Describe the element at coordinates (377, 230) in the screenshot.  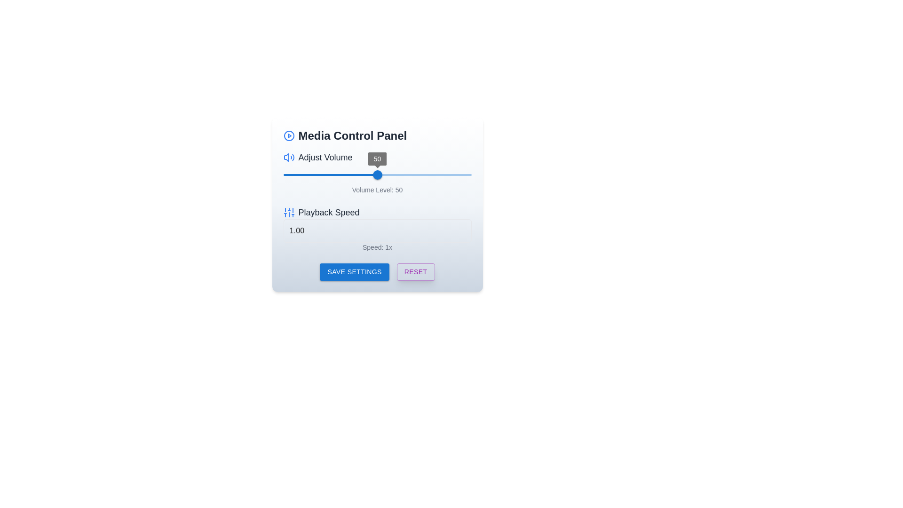
I see `playback speed` at that location.